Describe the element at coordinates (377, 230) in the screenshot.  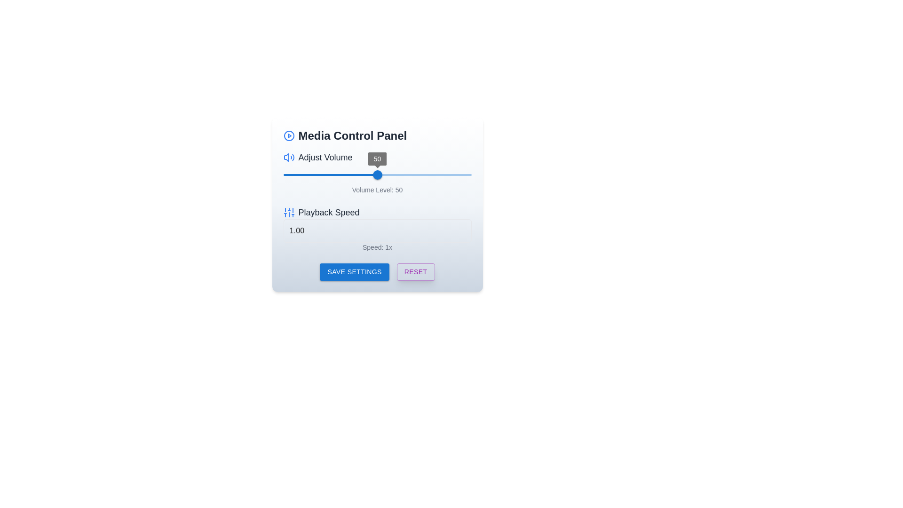
I see `playback speed` at that location.